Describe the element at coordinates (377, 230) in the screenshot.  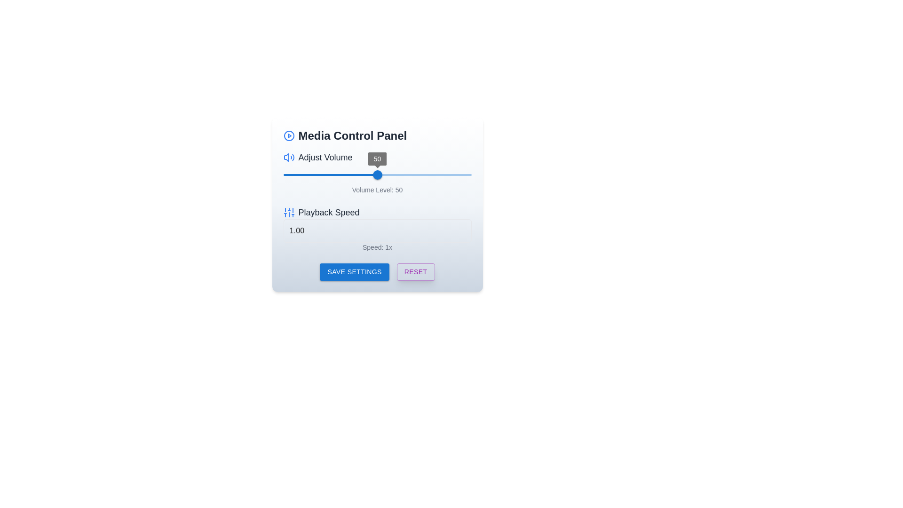
I see `playback speed` at that location.